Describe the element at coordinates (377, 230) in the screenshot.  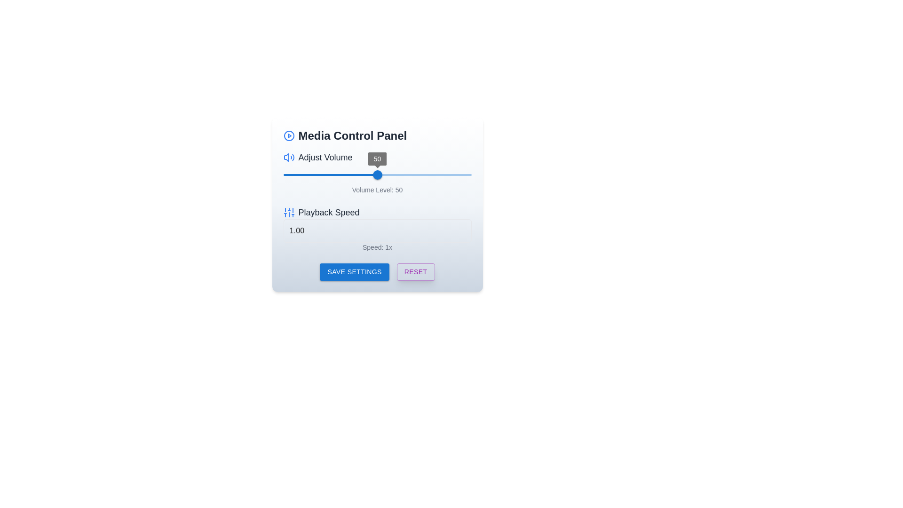
I see `playback speed` at that location.